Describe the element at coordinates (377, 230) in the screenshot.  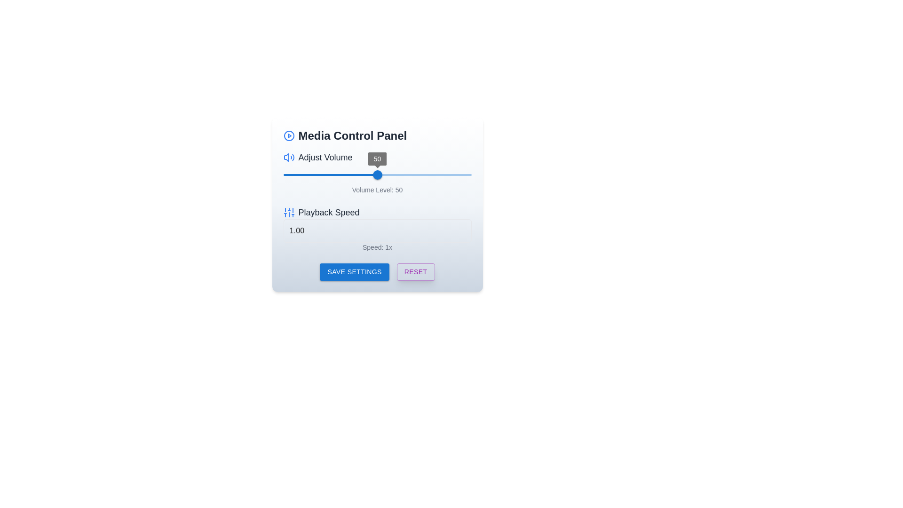
I see `playback speed` at that location.